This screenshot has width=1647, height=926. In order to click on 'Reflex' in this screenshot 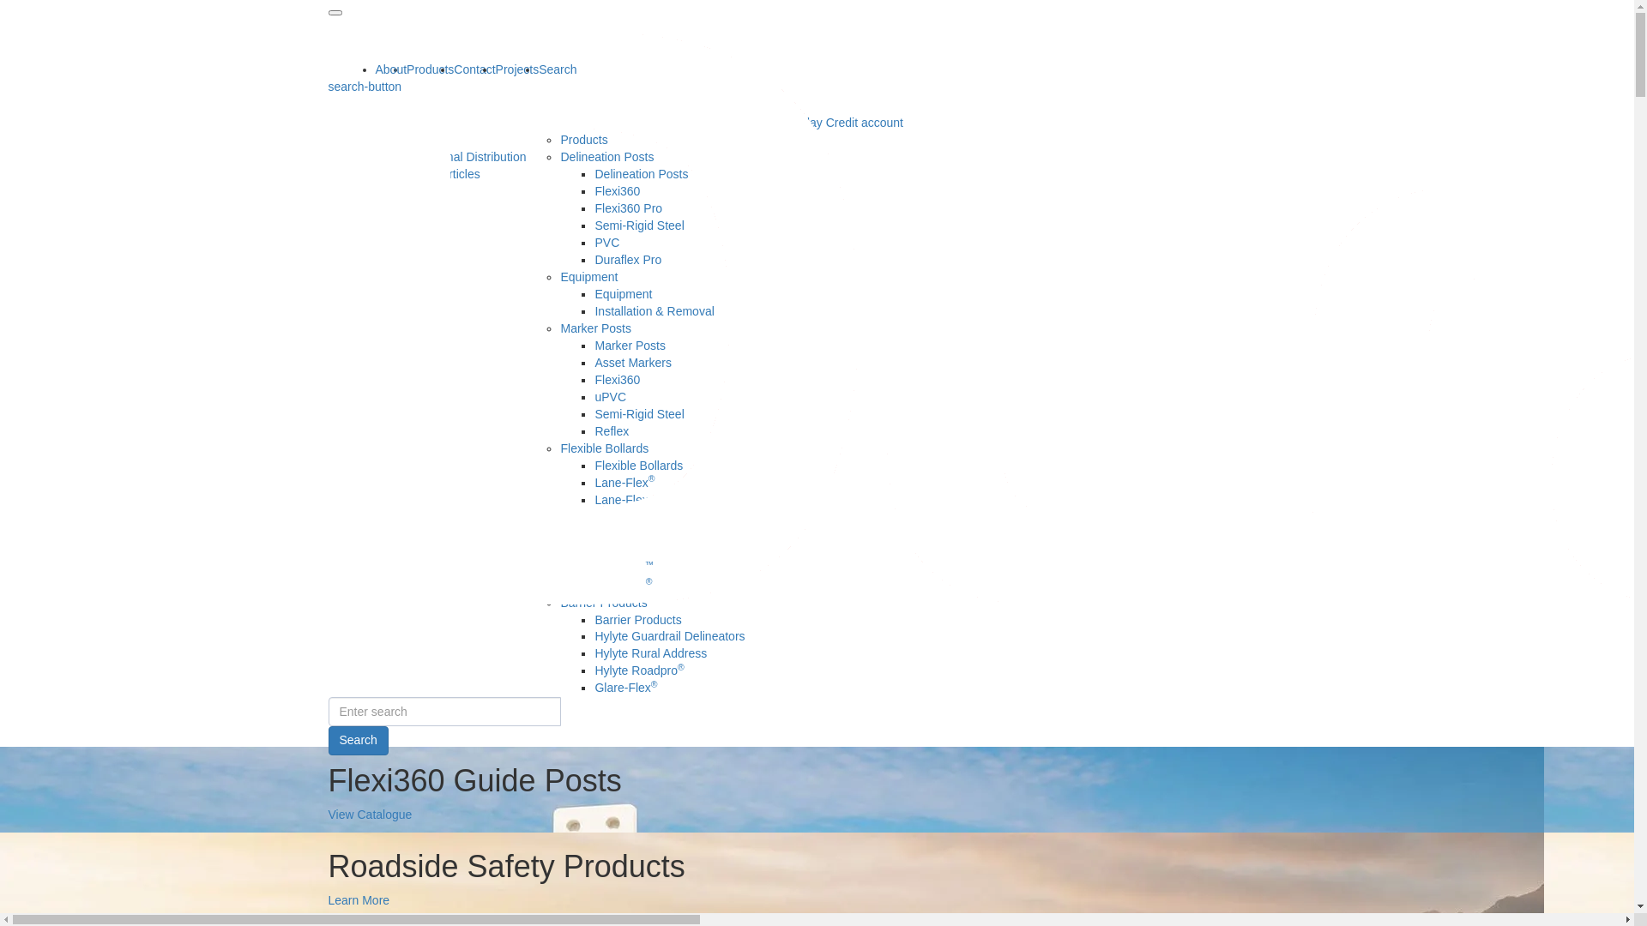, I will do `click(612, 430)`.